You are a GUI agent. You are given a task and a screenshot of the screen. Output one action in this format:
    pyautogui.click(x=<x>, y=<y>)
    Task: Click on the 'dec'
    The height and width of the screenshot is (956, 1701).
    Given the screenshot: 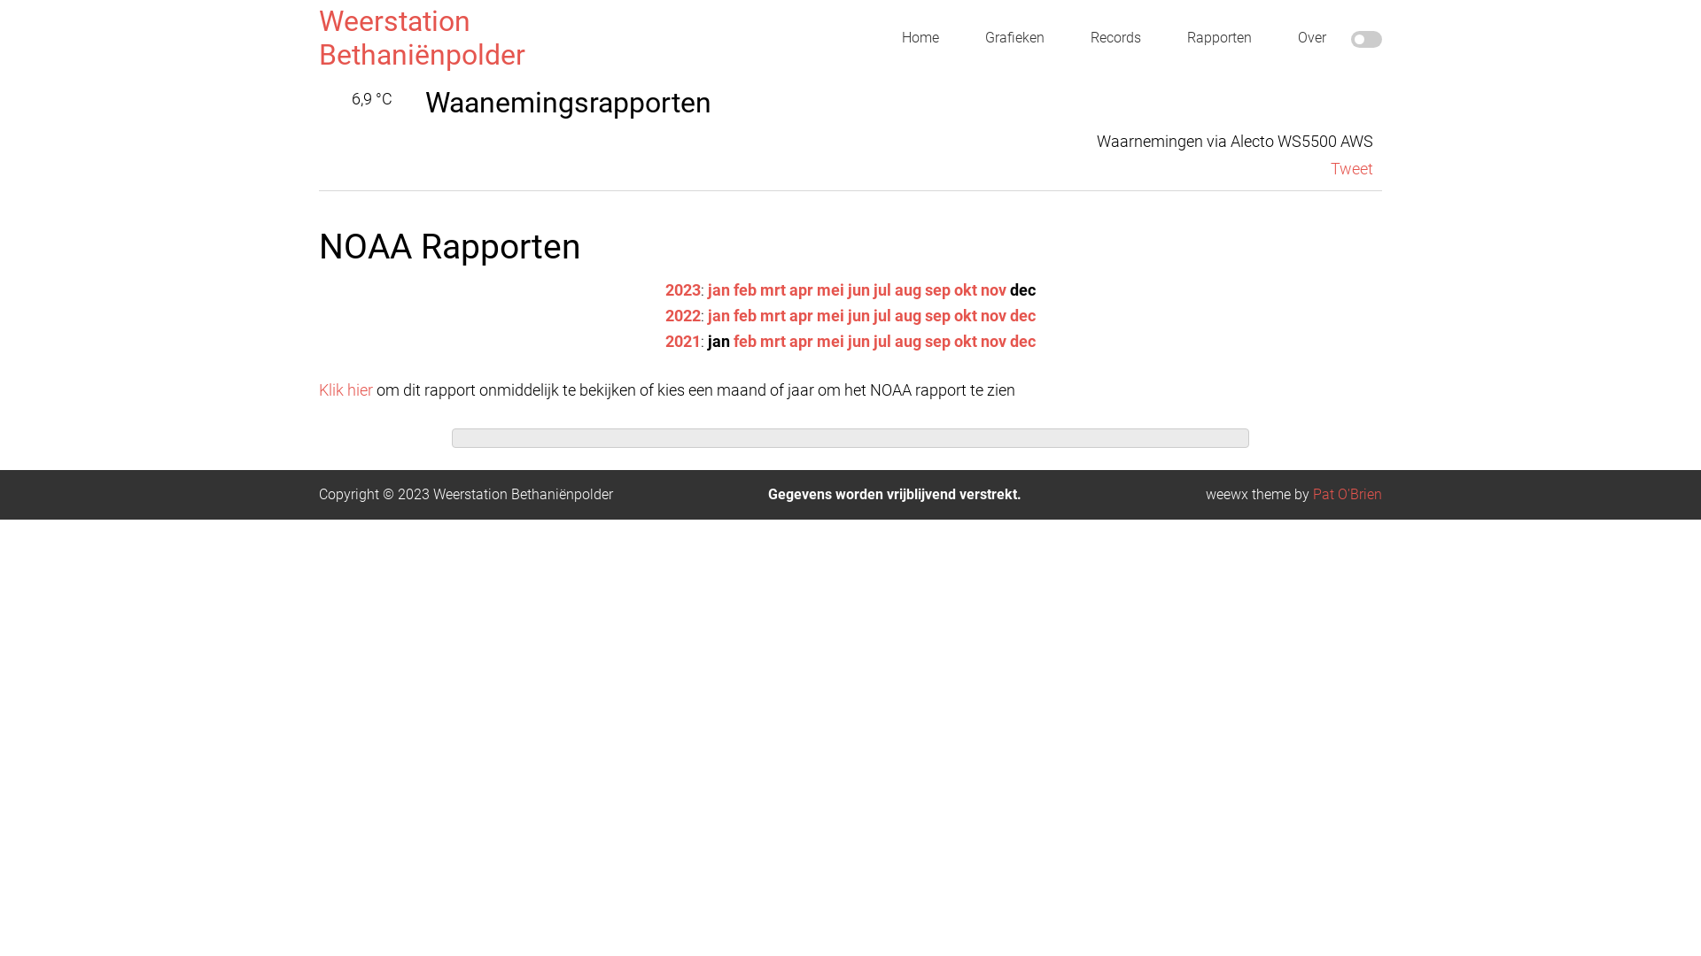 What is the action you would take?
    pyautogui.click(x=1022, y=314)
    